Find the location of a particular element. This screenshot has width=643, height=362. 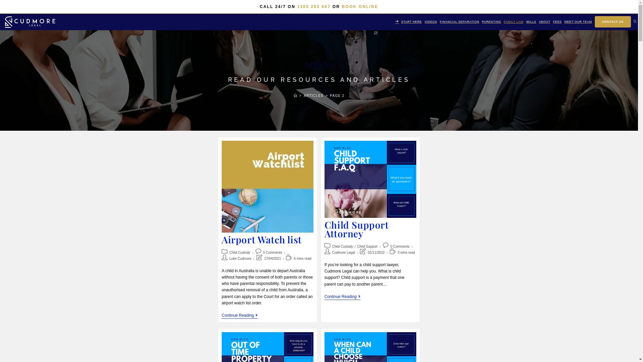

'VIDEOS' is located at coordinates (431, 21).